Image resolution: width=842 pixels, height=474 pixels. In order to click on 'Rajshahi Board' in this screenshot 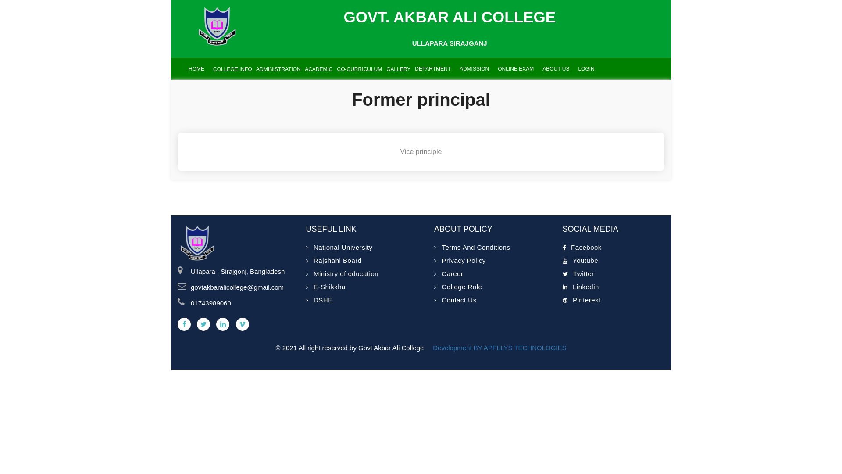, I will do `click(333, 260)`.